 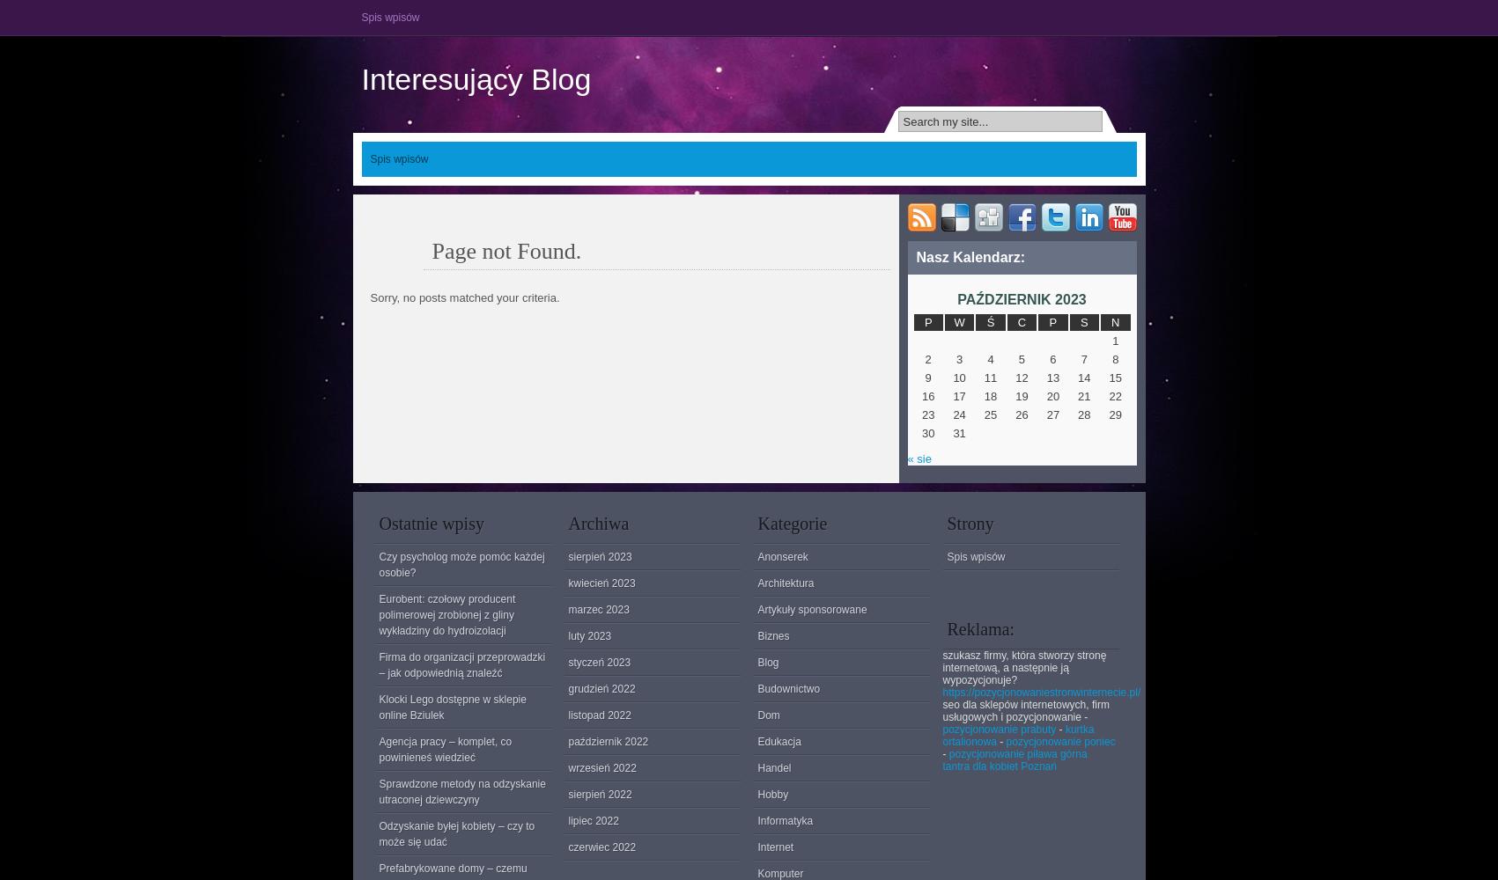 I want to click on '21', so click(x=1084, y=395).